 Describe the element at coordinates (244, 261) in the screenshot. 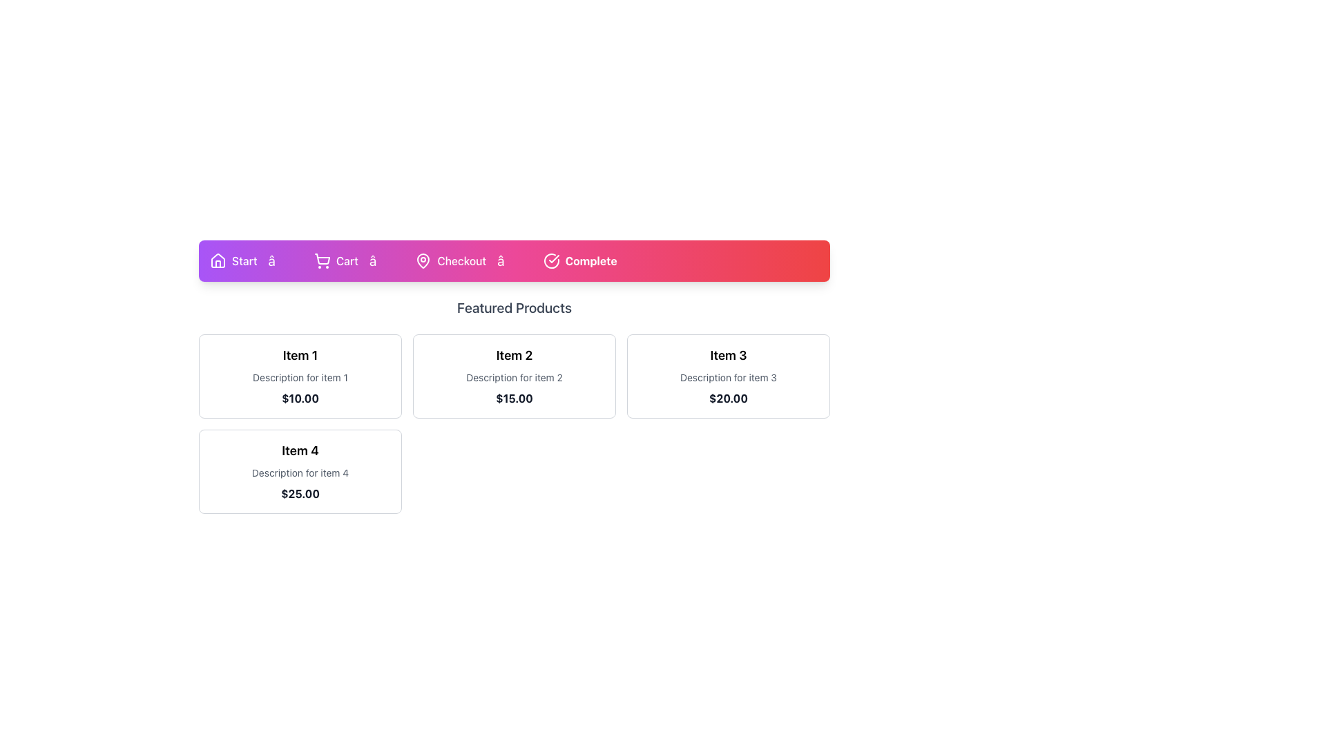

I see `the text label located on the navigation bar, positioned to the right of the house icon, which indicates the starting point or home section of the application` at that location.